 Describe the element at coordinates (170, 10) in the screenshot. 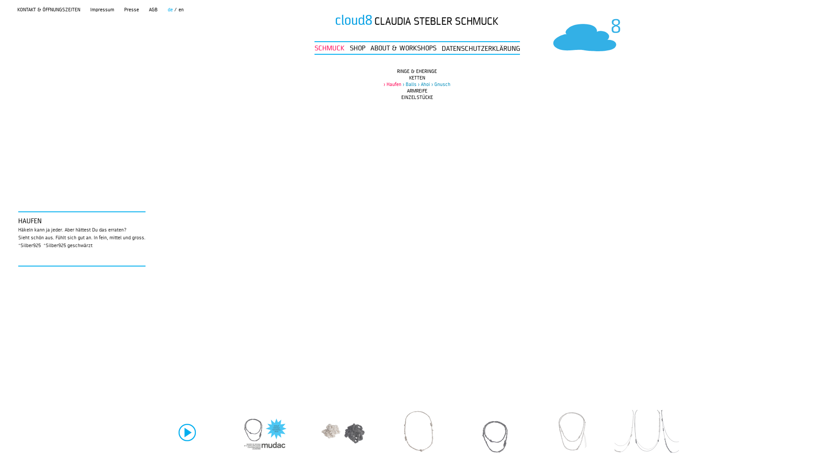

I see `'de'` at that location.